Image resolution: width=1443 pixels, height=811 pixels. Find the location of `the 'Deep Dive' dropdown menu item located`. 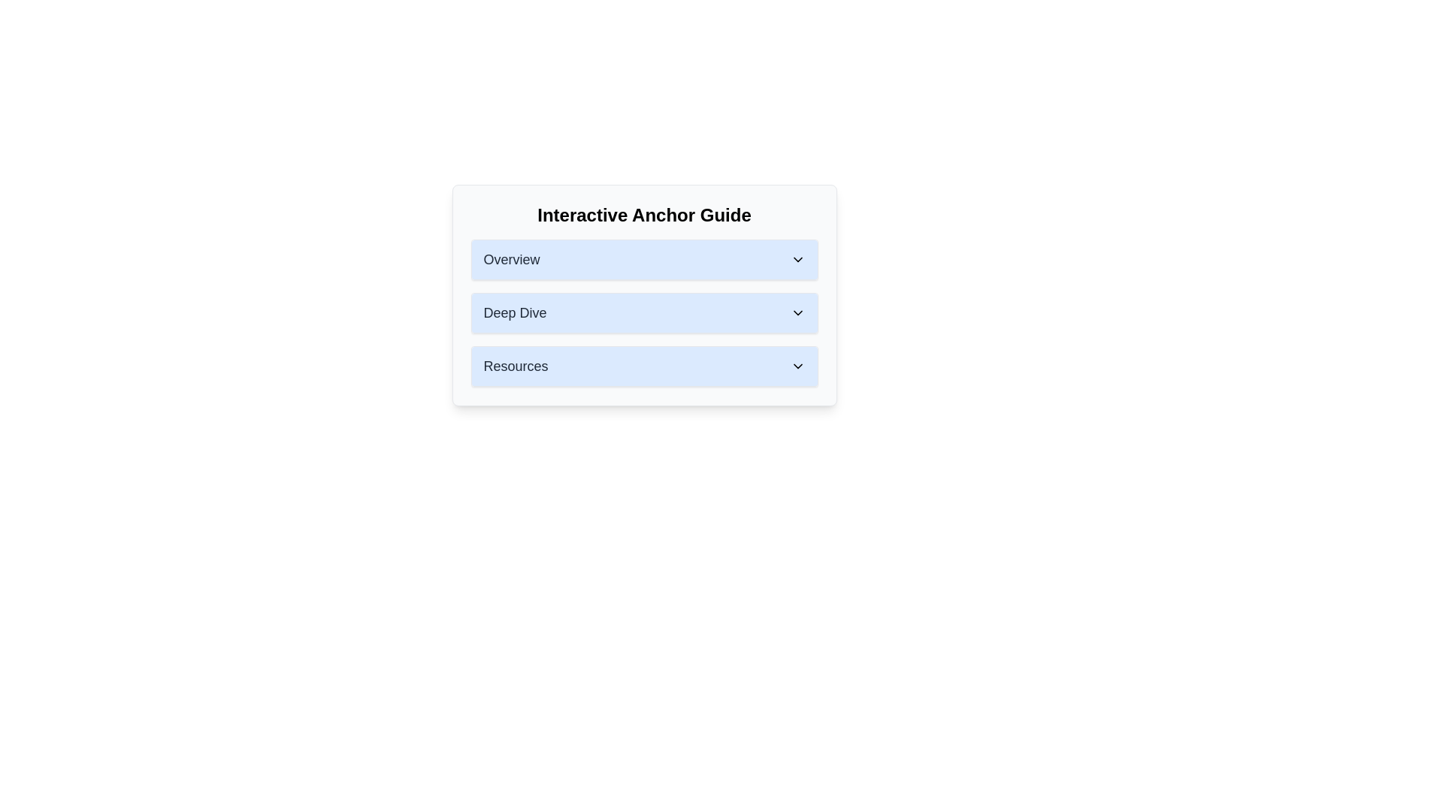

the 'Deep Dive' dropdown menu item located is located at coordinates (644, 312).